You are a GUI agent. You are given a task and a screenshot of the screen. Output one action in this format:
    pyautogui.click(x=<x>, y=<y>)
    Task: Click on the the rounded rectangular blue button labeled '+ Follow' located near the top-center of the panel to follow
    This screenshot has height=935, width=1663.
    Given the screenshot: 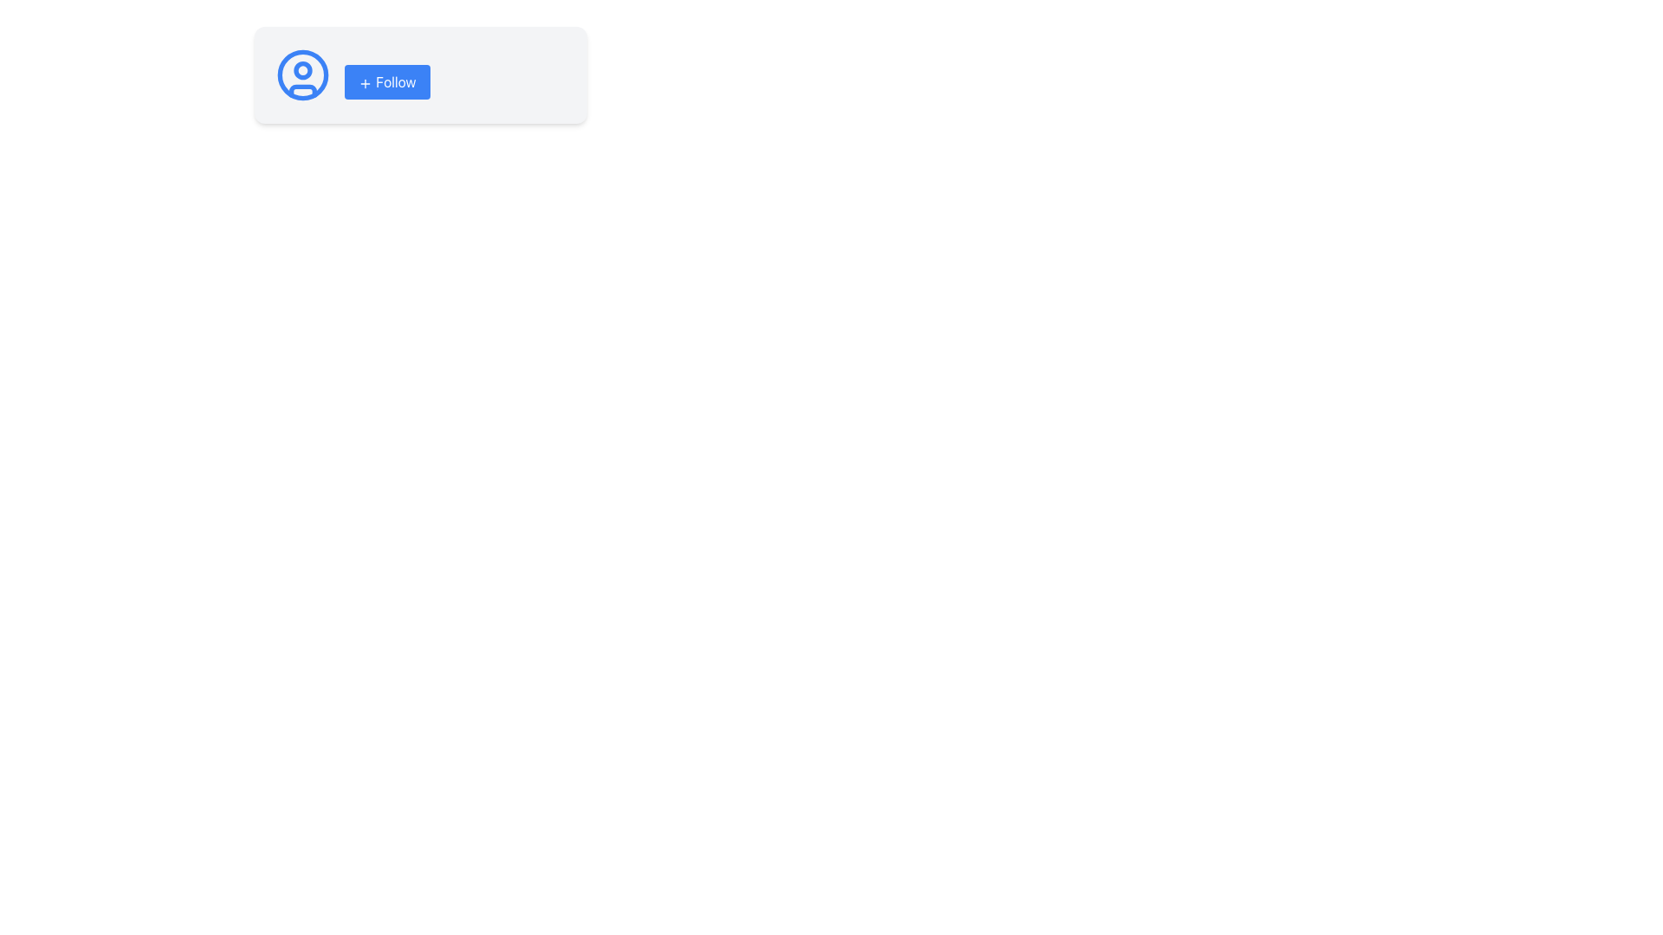 What is the action you would take?
    pyautogui.click(x=386, y=82)
    